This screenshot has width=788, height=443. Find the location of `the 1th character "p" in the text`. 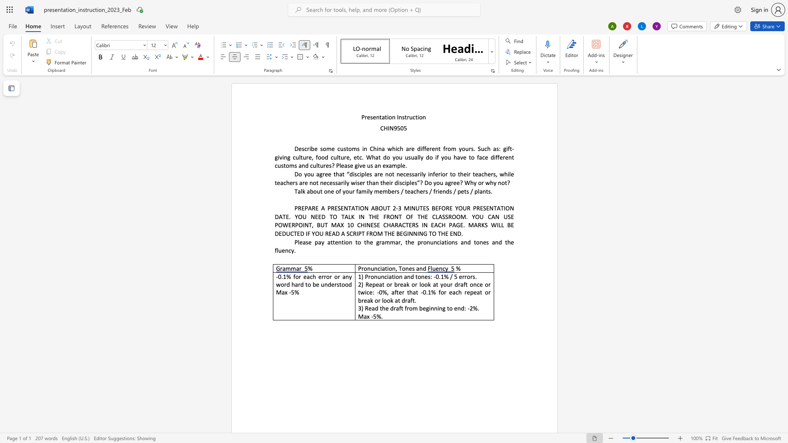

the 1th character "p" in the text is located at coordinates (399, 165).